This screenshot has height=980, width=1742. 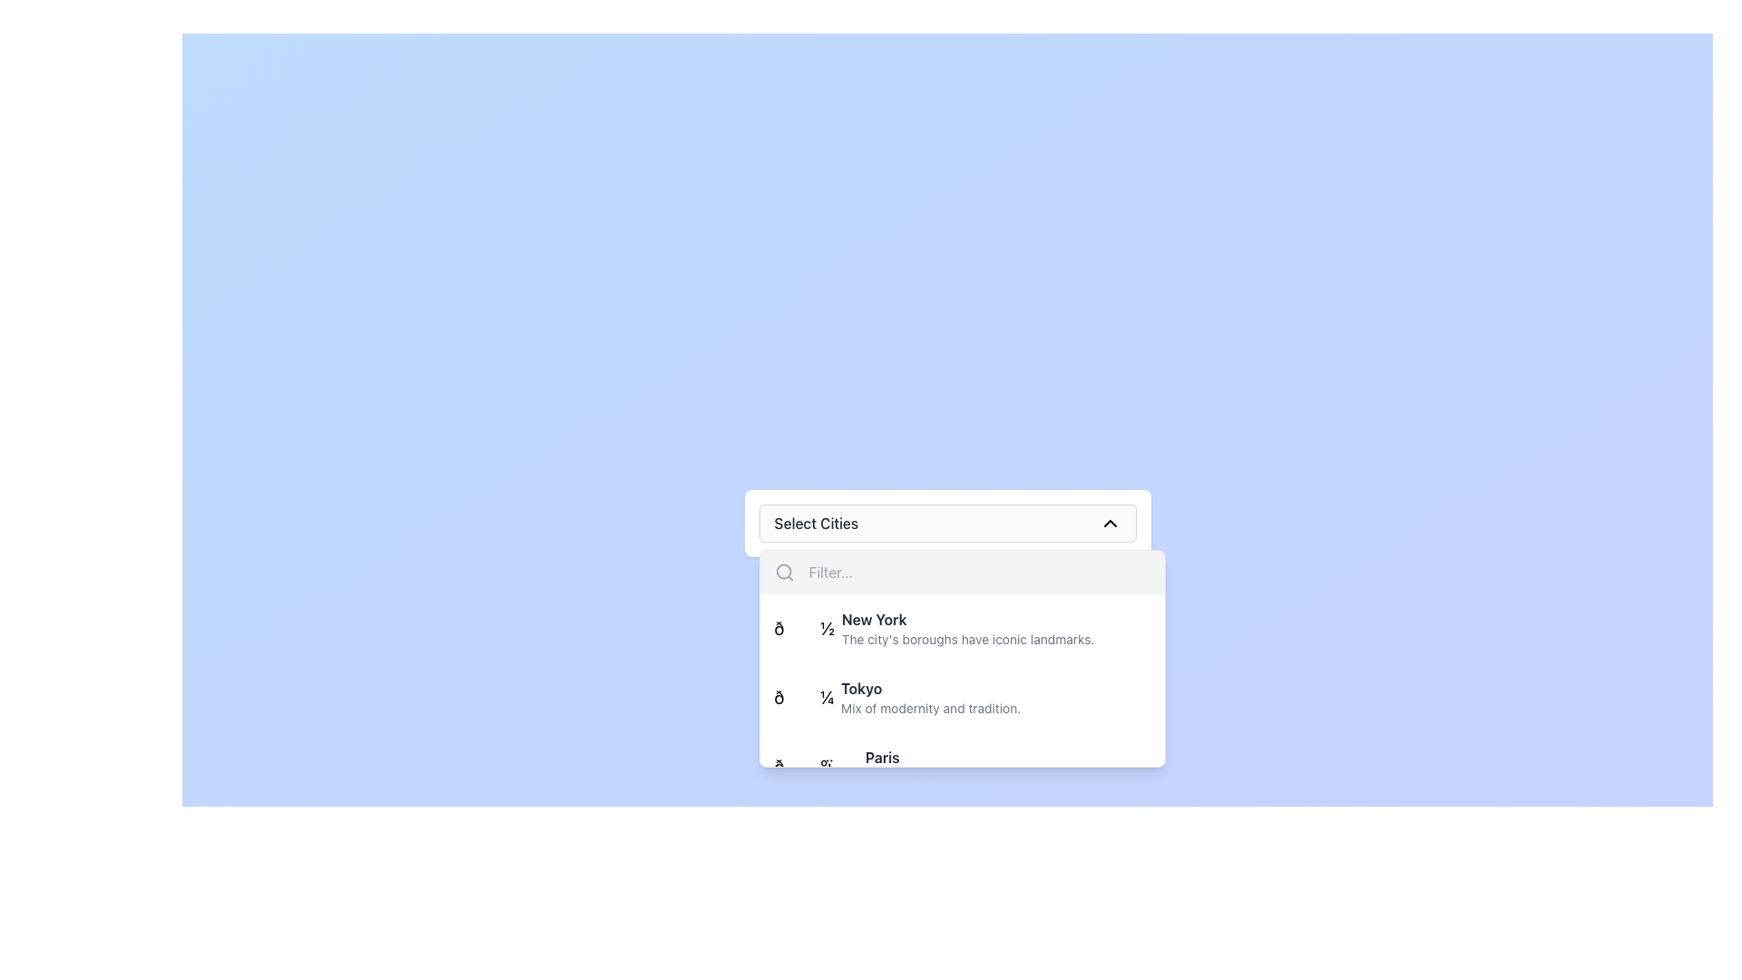 What do you see at coordinates (966, 628) in the screenshot?
I see `the list item displaying 'New York' within the dropdown menu under the 'Select Cities' field` at bounding box center [966, 628].